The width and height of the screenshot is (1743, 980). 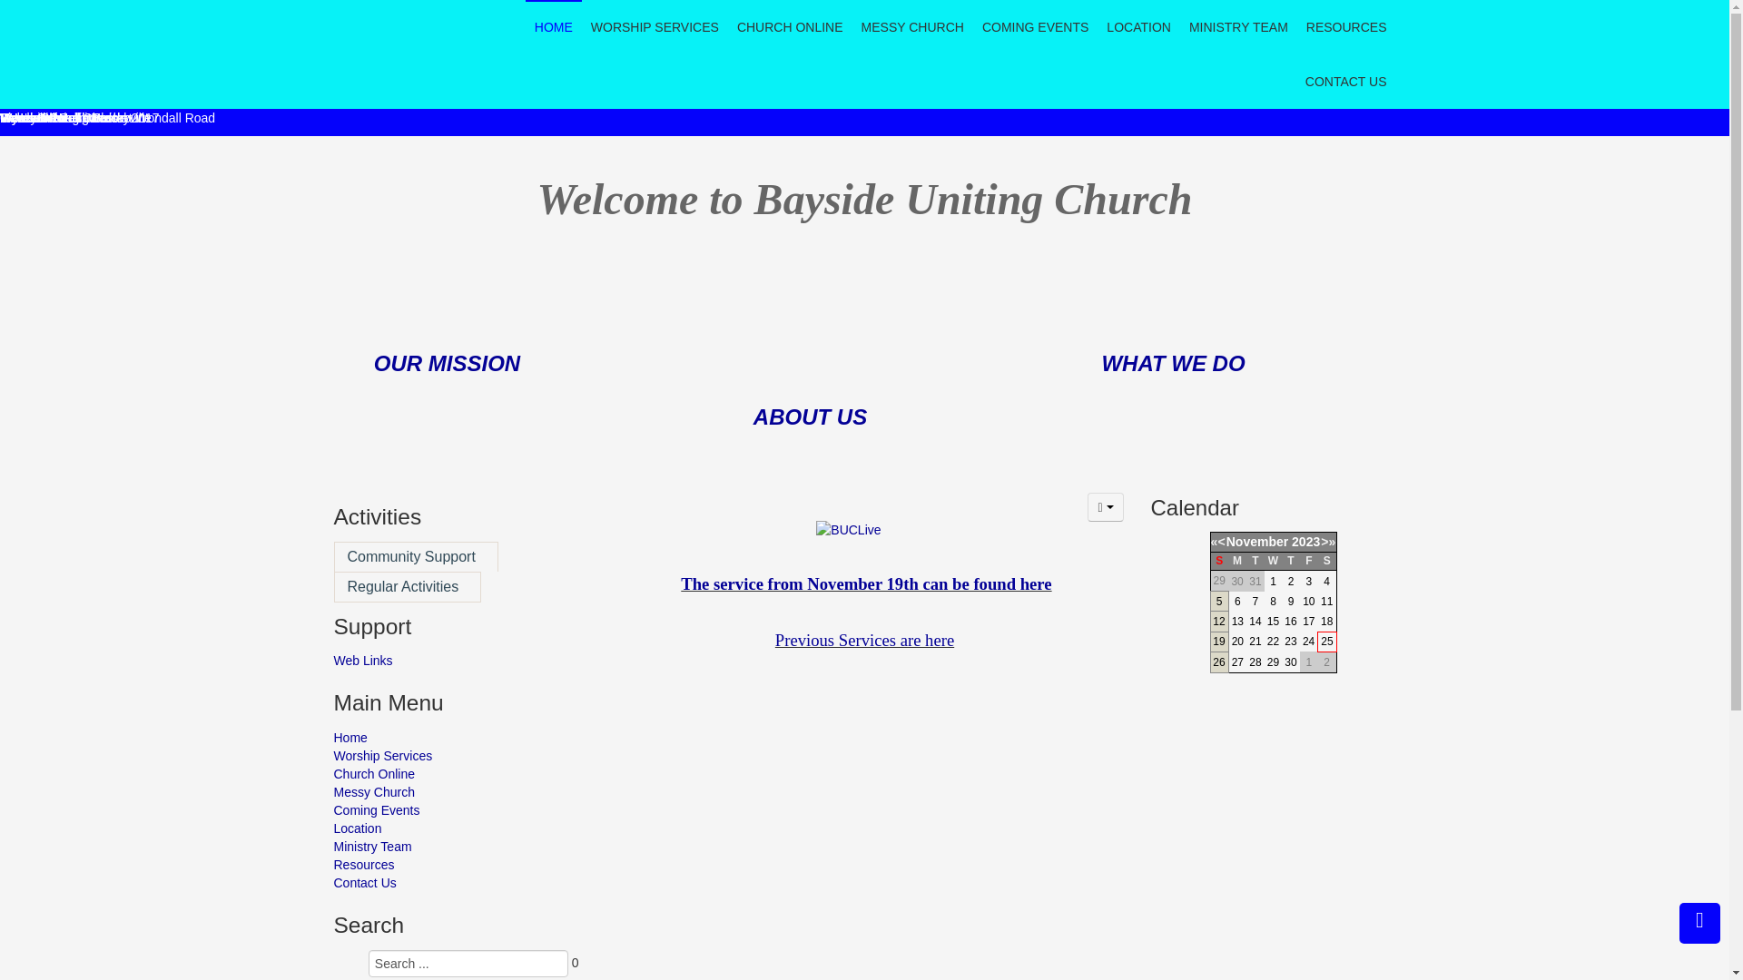 What do you see at coordinates (1256, 541) in the screenshot?
I see `'November'` at bounding box center [1256, 541].